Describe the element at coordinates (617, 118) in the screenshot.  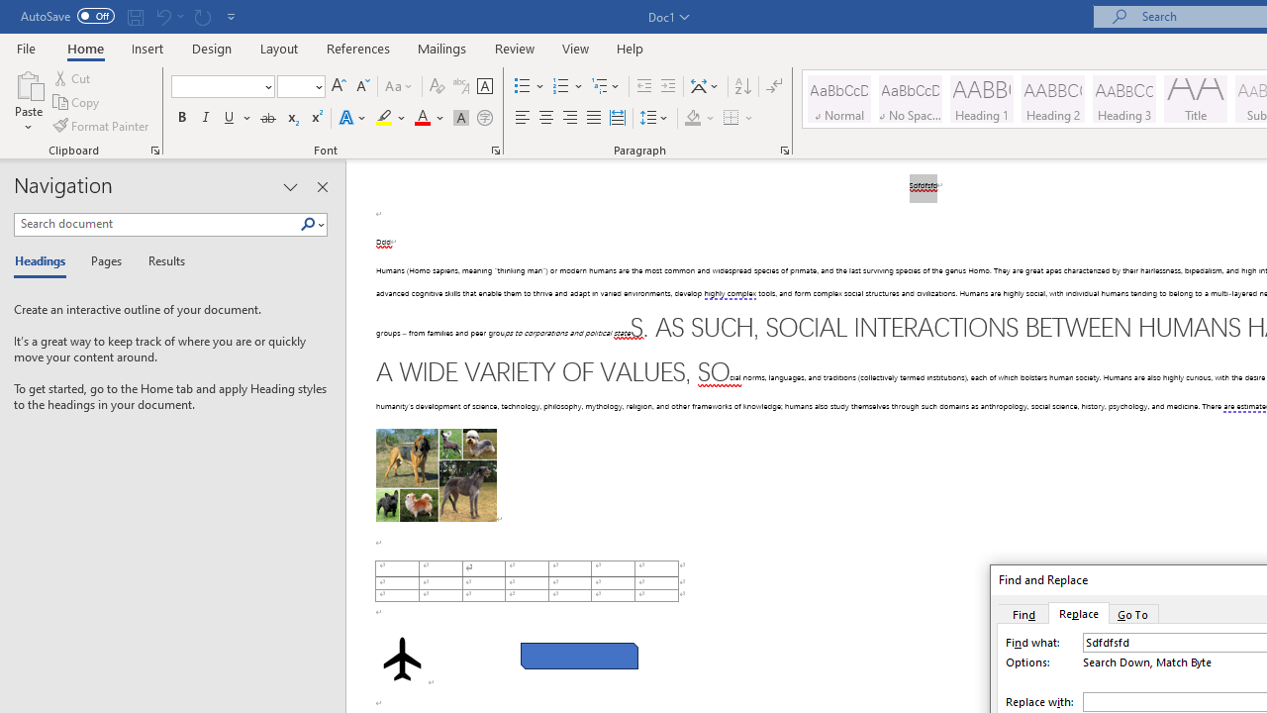
I see `'Distributed'` at that location.